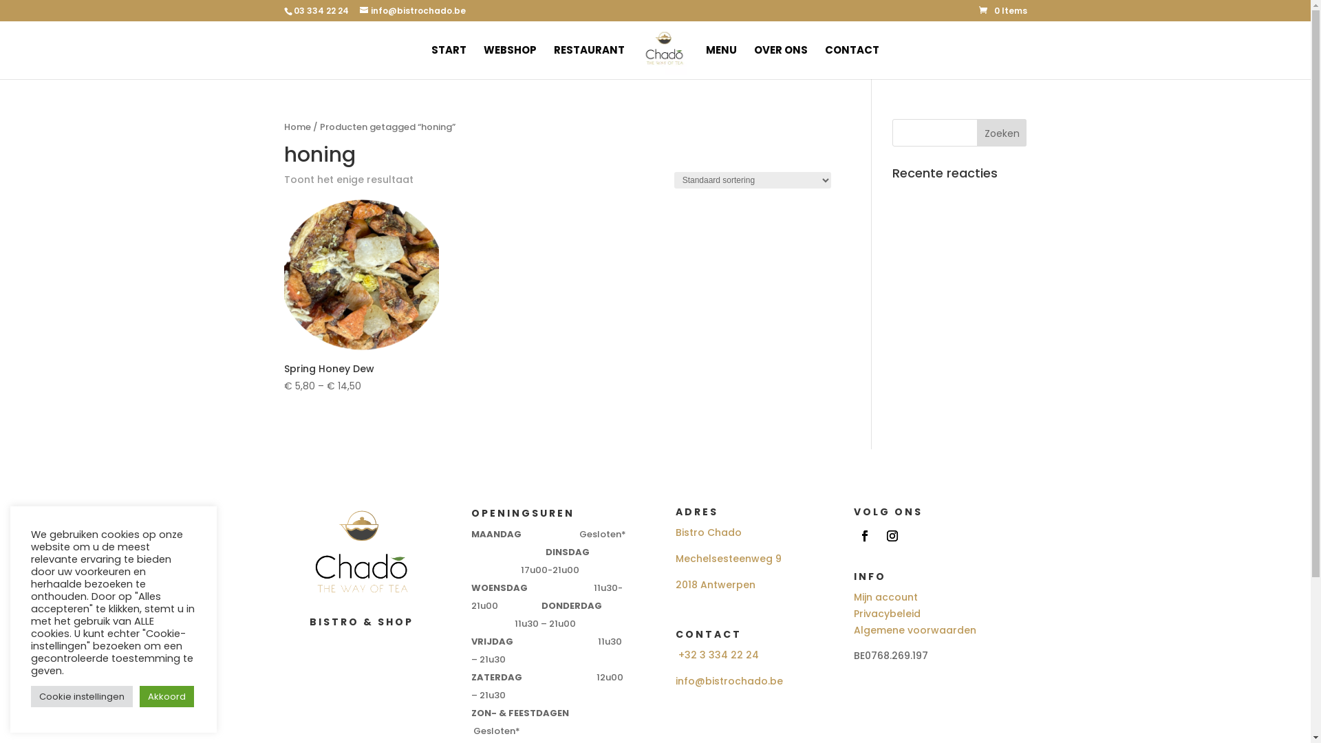  Describe the element at coordinates (431, 62) in the screenshot. I see `'START'` at that location.